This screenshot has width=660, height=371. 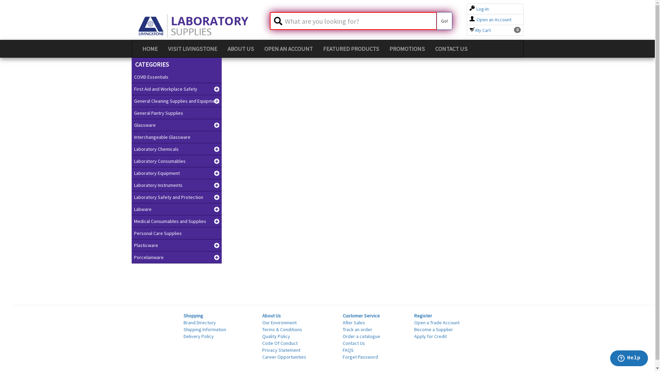 I want to click on 'Shipping Information', so click(x=204, y=329).